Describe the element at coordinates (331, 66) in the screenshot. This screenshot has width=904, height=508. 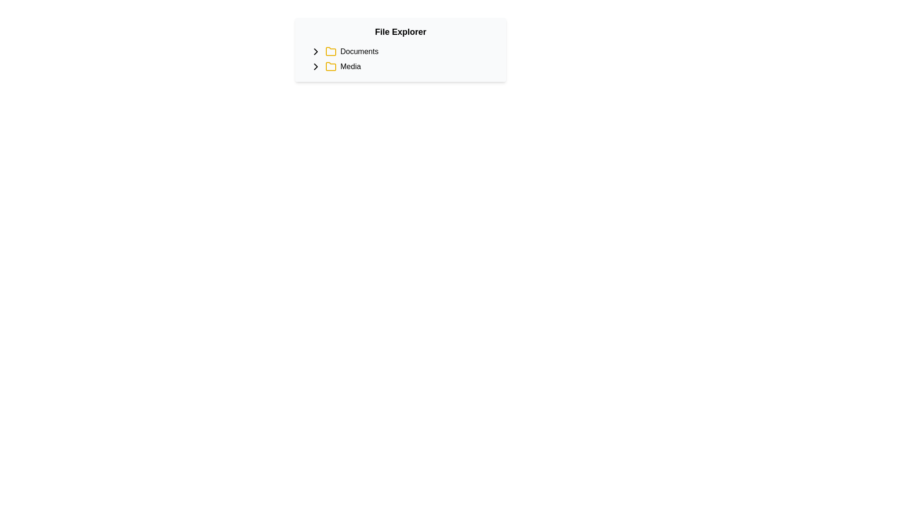
I see `the second folder icon in the 'File Explorer' interface, located directly under the 'Documents' folder icon, which is visually paired with the label 'Media'` at that location.